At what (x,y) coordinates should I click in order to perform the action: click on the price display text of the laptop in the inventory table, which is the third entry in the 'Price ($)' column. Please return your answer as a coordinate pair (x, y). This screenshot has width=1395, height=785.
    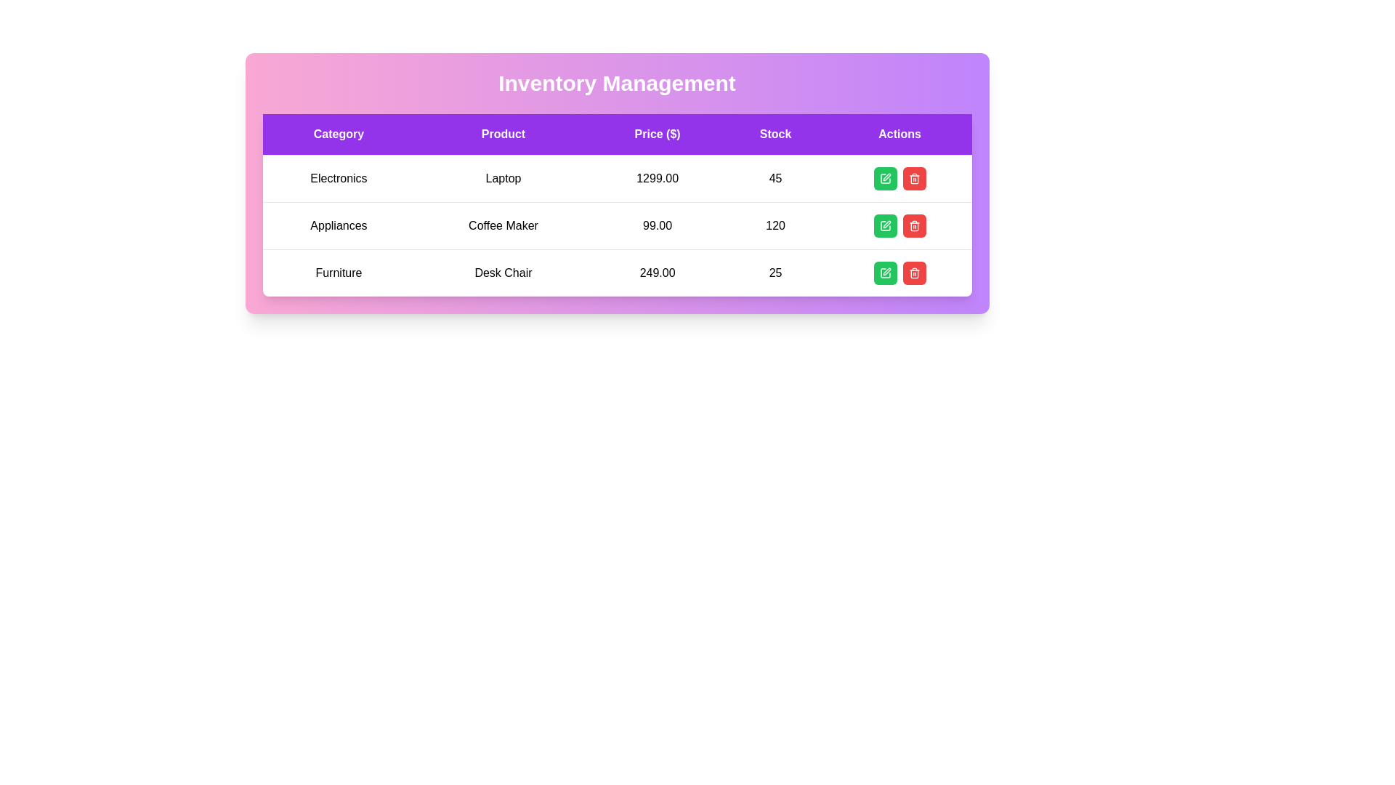
    Looking at the image, I should click on (657, 178).